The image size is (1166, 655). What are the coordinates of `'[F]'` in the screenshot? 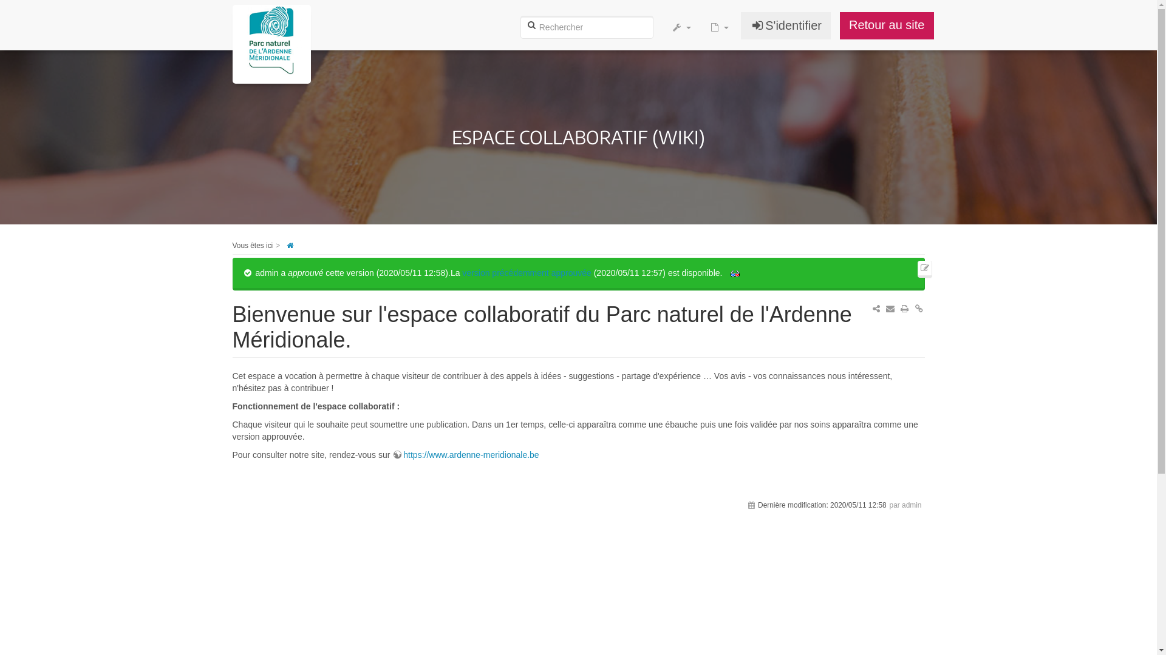 It's located at (587, 27).